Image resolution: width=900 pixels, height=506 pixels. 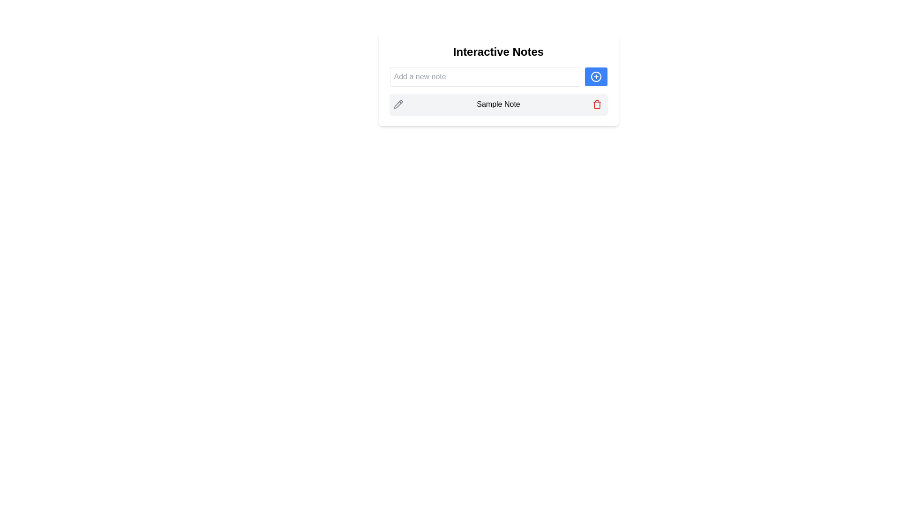 What do you see at coordinates (596, 104) in the screenshot?
I see `the delete button (icon-based) located at the far-right side of the note entry titled 'Sample Note'` at bounding box center [596, 104].